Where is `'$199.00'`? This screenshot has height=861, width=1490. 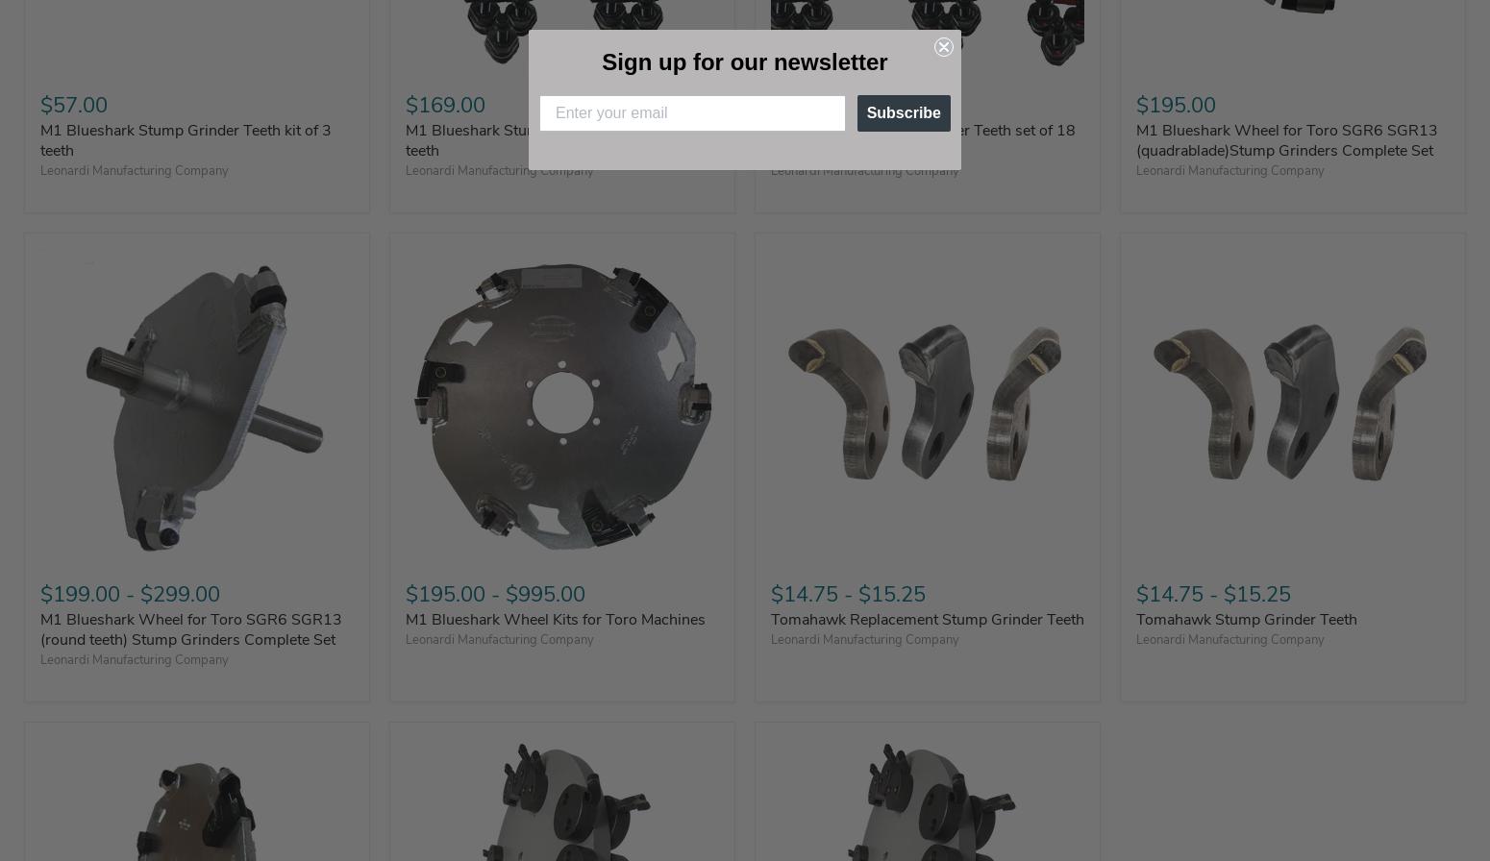
'$199.00' is located at coordinates (80, 593).